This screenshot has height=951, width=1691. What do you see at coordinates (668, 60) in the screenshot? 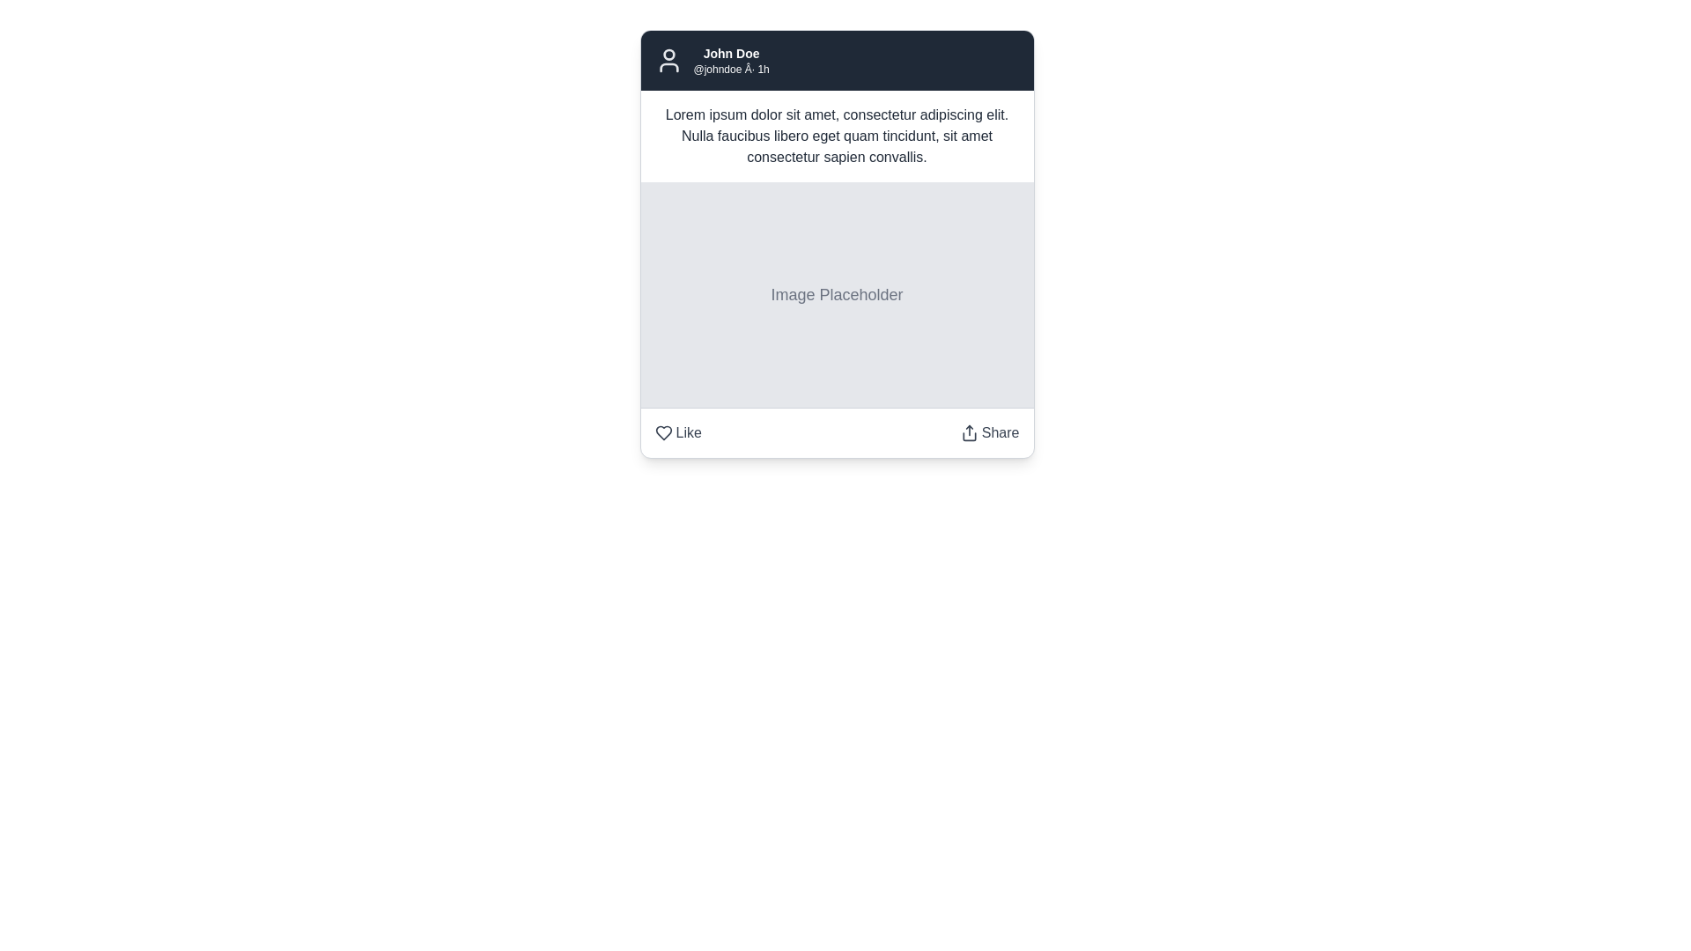
I see `the user profile icon, which has a white outline on a gray background and is located at the top-left corner of the header section` at bounding box center [668, 60].